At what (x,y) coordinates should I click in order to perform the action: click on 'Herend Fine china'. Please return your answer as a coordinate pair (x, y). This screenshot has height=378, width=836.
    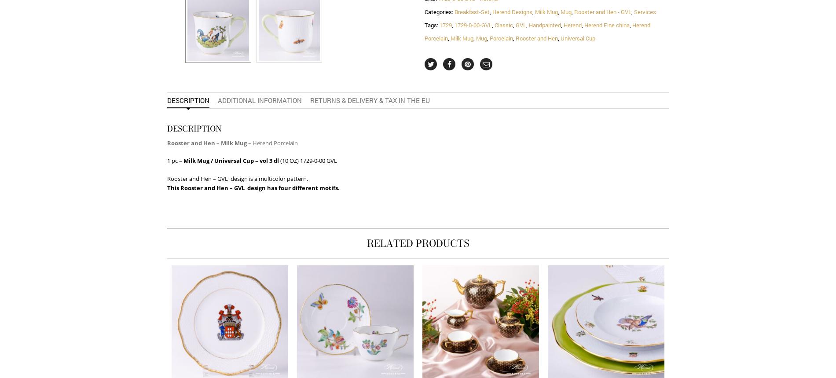
    Looking at the image, I should click on (606, 25).